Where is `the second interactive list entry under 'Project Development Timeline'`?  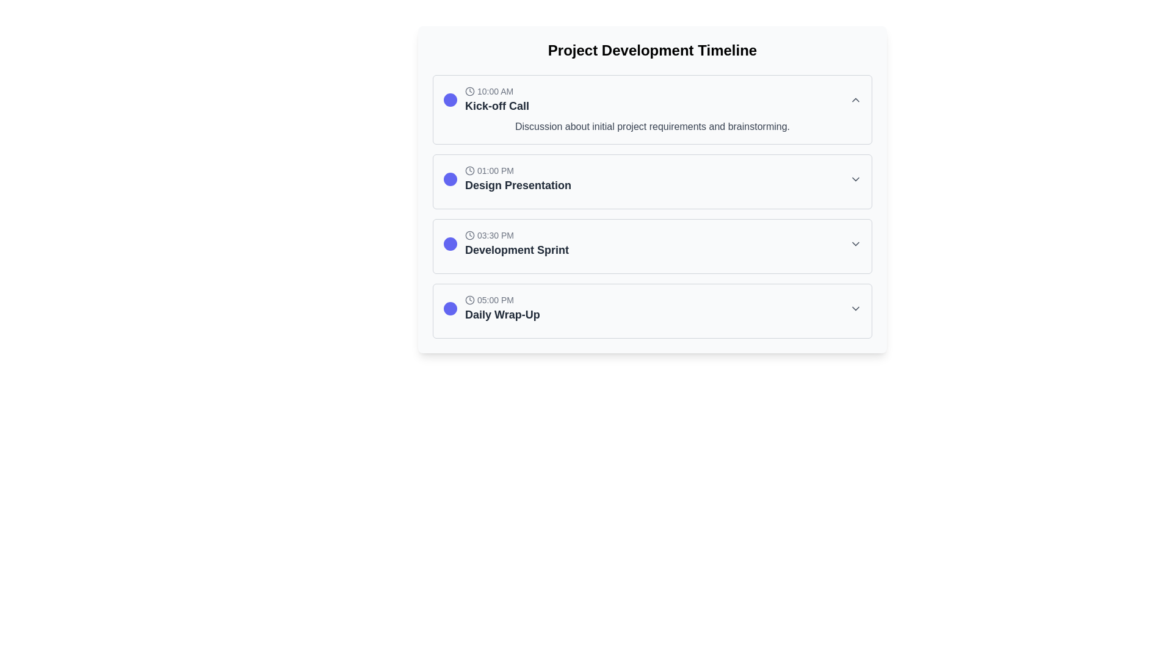 the second interactive list entry under 'Project Development Timeline' is located at coordinates (652, 179).